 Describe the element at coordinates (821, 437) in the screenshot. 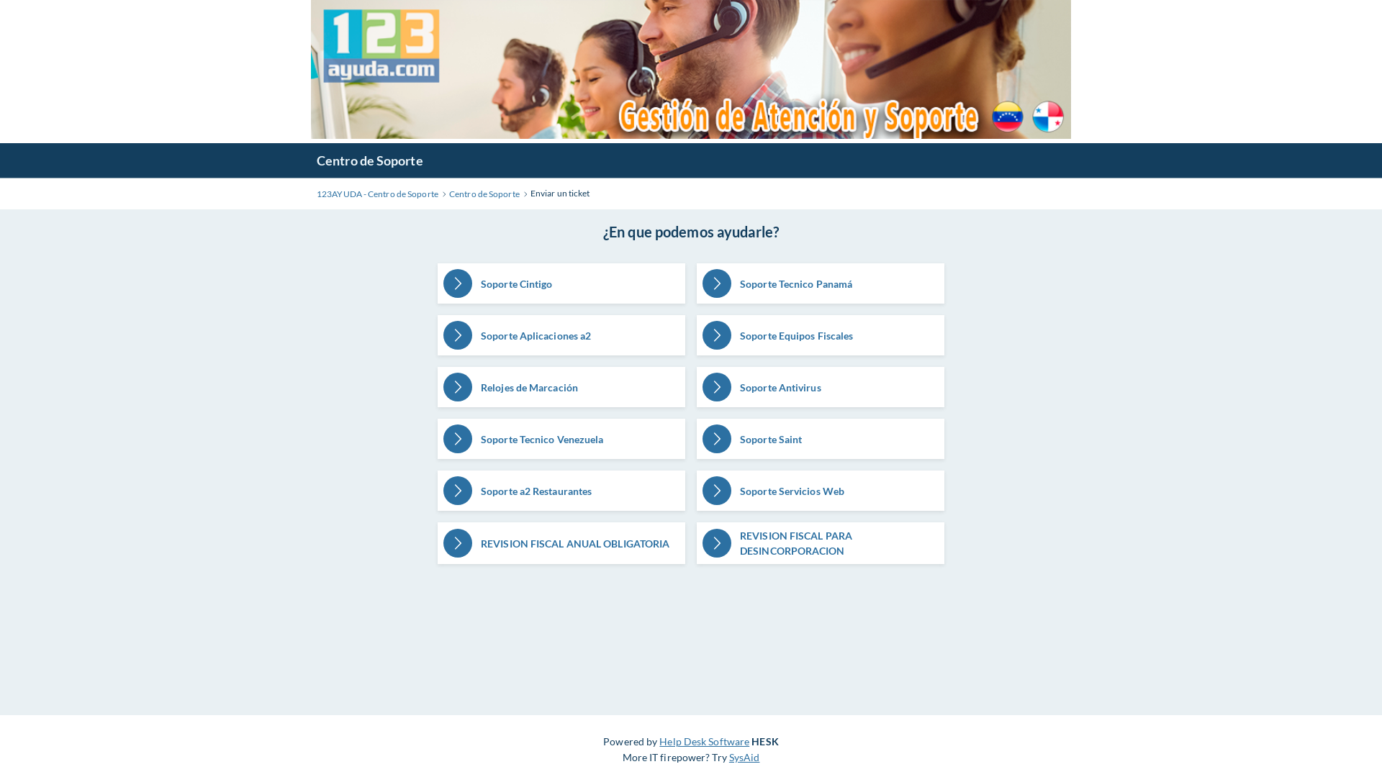

I see `'Soporte Saint'` at that location.